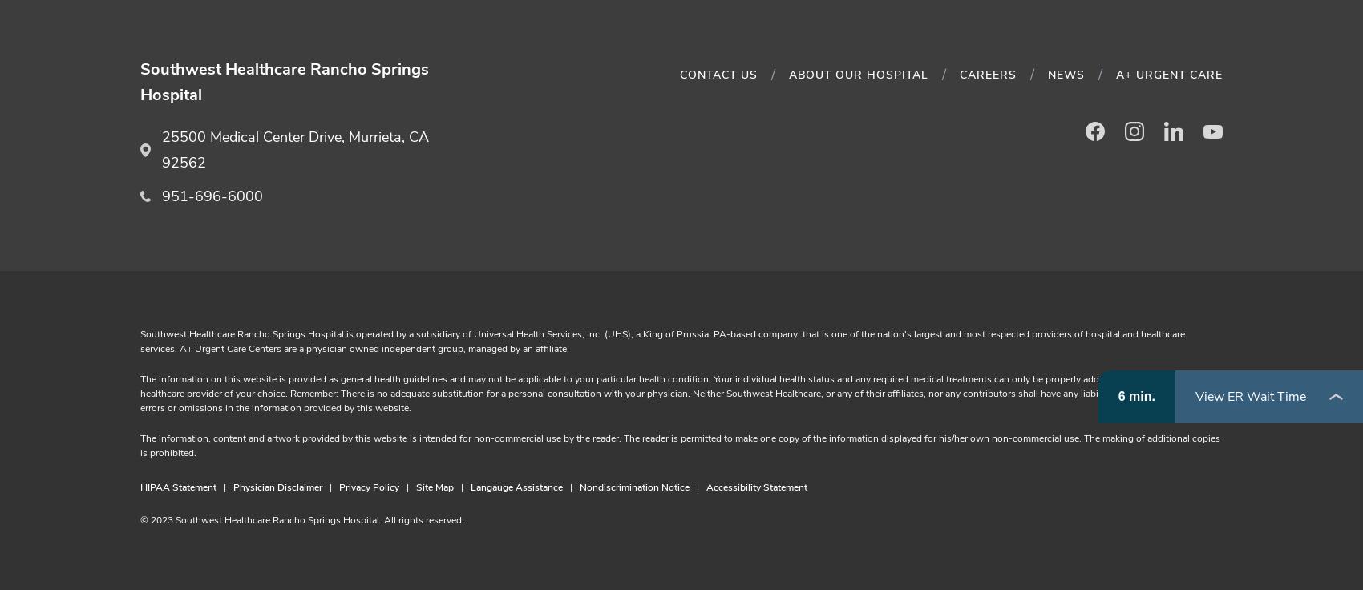  Describe the element at coordinates (233, 487) in the screenshot. I see `'Physician Disclaimer'` at that location.